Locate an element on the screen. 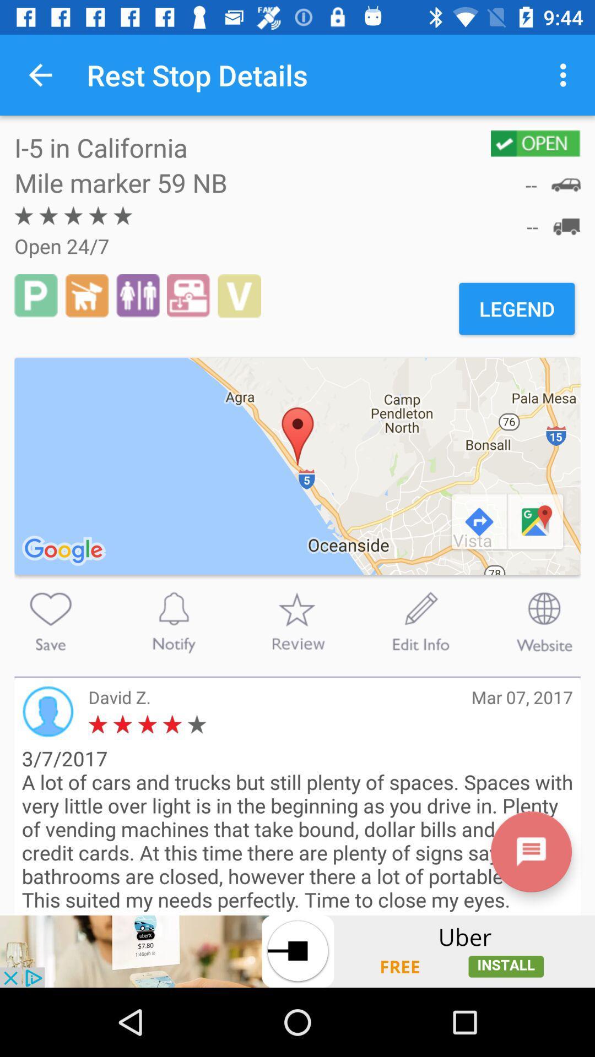 This screenshot has width=595, height=1057. advertisement page is located at coordinates (297, 951).